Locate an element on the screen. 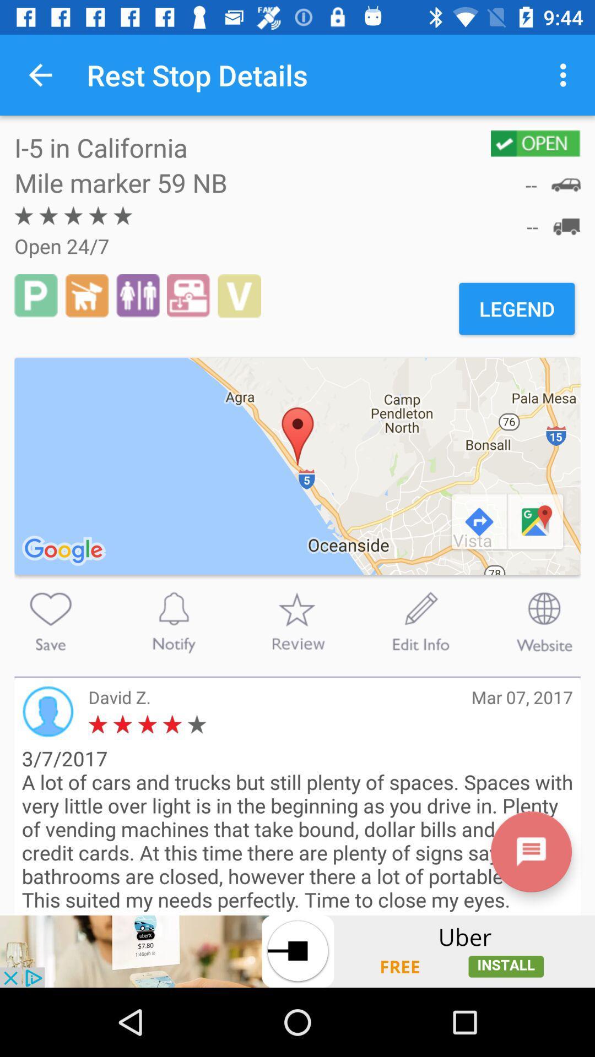 This screenshot has width=595, height=1057. advertisement page is located at coordinates (297, 951).